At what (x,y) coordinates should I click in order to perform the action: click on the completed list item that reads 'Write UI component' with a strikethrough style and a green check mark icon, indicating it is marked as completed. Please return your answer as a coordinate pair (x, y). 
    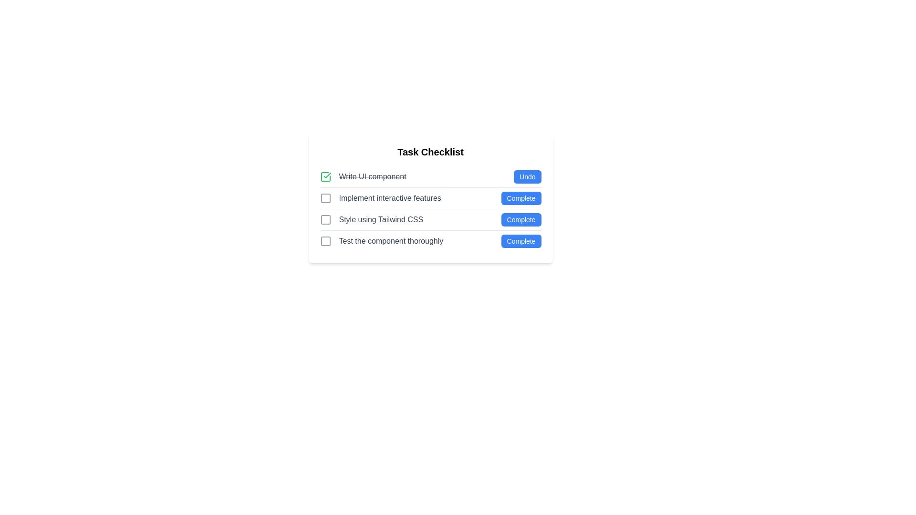
    Looking at the image, I should click on (363, 176).